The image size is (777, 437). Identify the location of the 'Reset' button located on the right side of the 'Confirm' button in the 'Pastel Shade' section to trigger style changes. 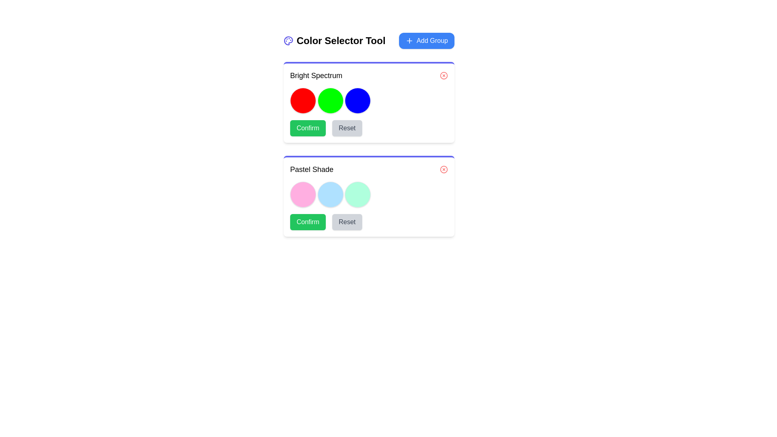
(347, 222).